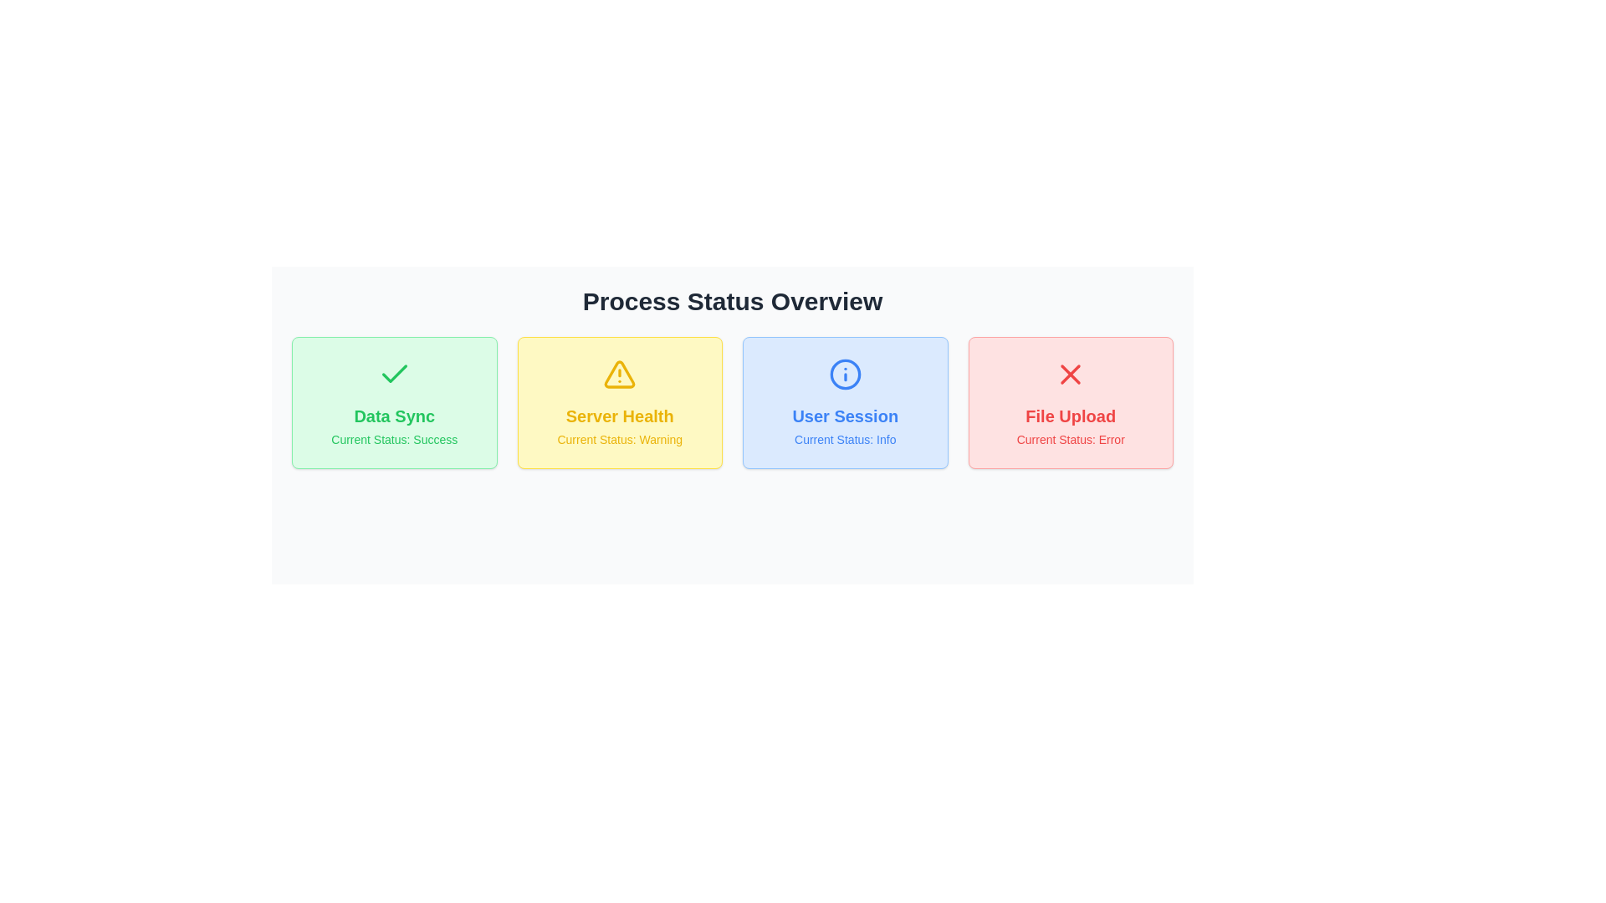  Describe the element at coordinates (1071, 415) in the screenshot. I see `the 'File Upload' label, which is a bold, red text label indicating a warning or error state, located within the red status block in the 'Process Status Overview'` at that location.